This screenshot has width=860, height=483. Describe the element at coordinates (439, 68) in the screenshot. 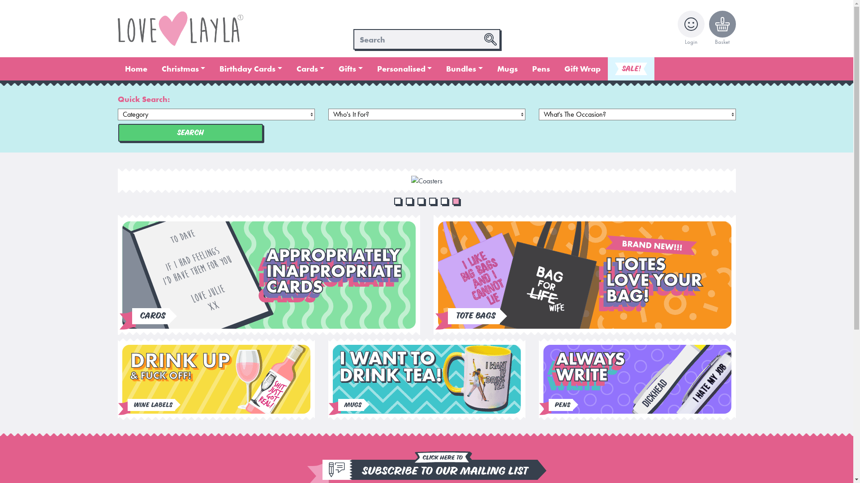

I see `'Bundles'` at that location.